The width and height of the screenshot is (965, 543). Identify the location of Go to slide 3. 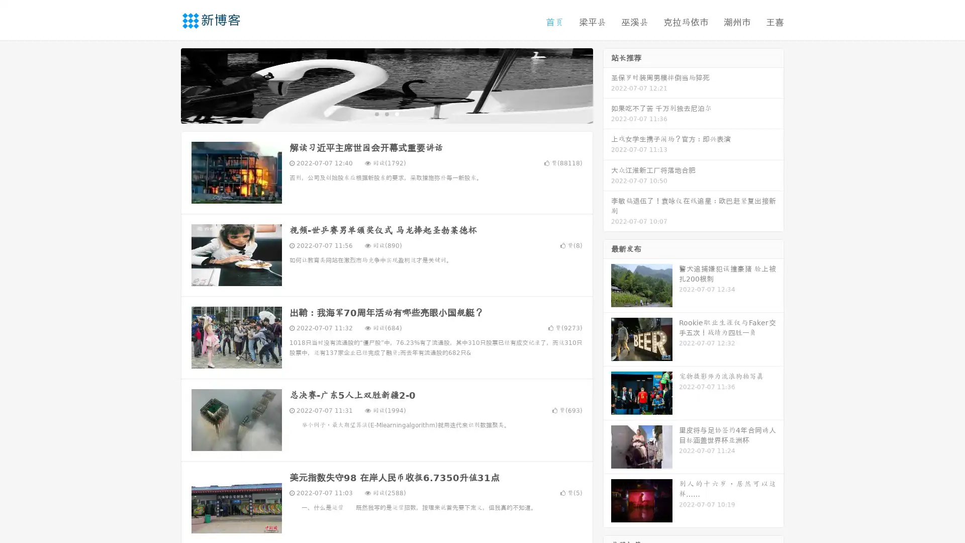
(397, 113).